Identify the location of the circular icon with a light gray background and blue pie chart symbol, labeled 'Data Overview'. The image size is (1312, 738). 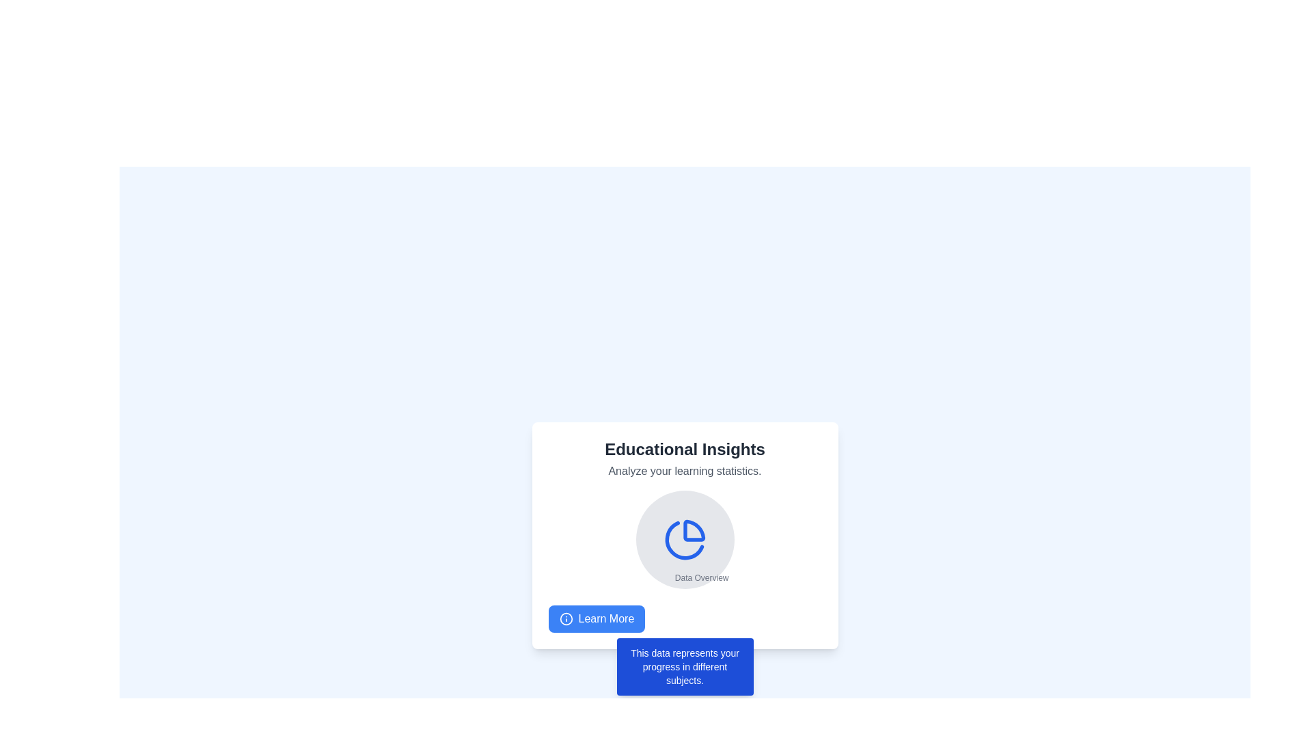
(685, 539).